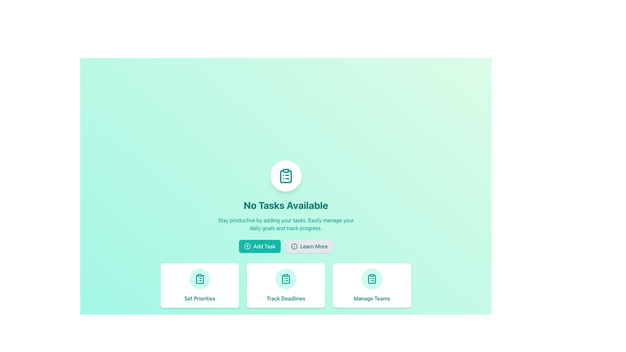 The width and height of the screenshot is (626, 352). What do you see at coordinates (247, 246) in the screenshot?
I see `the teal circular icon with a plus symbol inside it, located on the left side of the 'Add Task' button, below the 'No Tasks Available' heading` at bounding box center [247, 246].